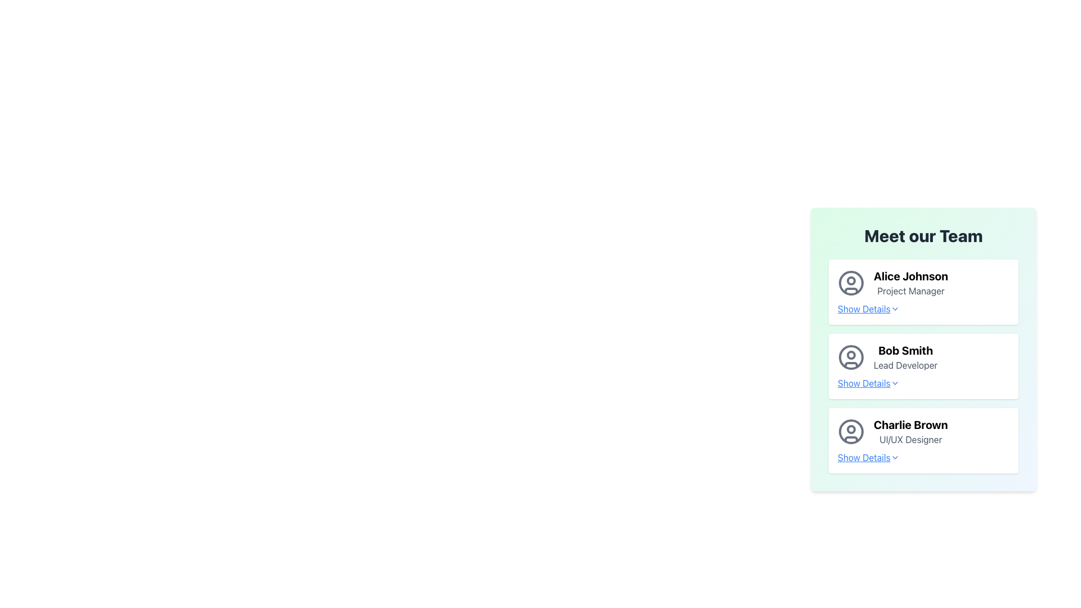  What do you see at coordinates (910, 290) in the screenshot?
I see `the text label displaying 'Project Manager' in gray font, which is located below 'Alice Johnson' in the card layout under the heading 'Meet our Team'` at bounding box center [910, 290].